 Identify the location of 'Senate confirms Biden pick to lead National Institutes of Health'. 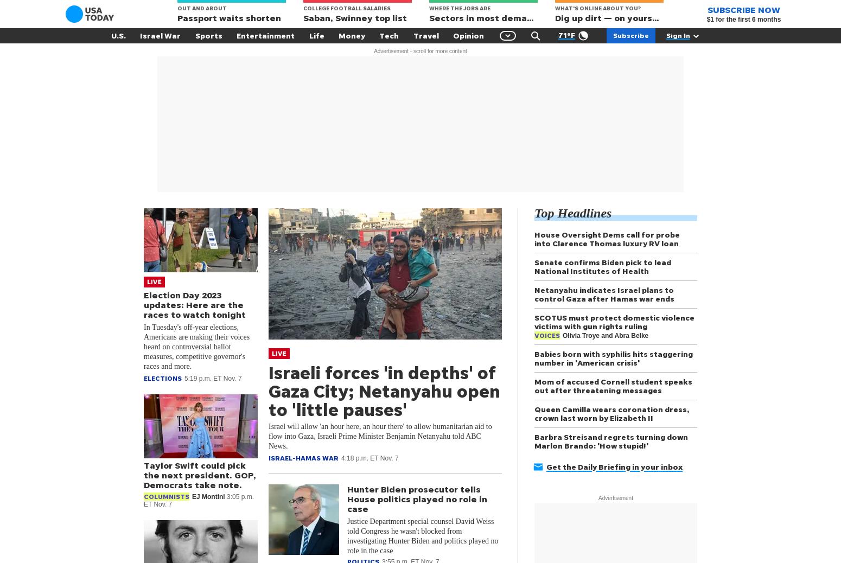
(602, 266).